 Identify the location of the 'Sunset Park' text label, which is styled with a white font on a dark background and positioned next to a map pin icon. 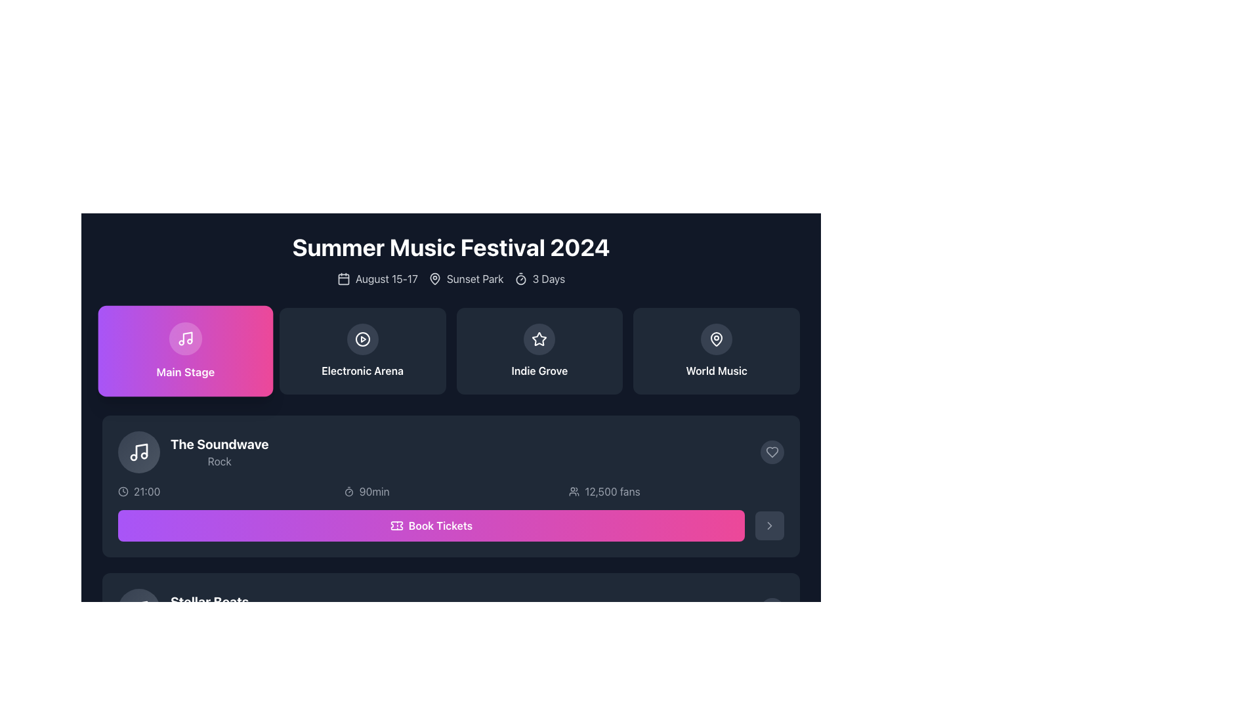
(474, 278).